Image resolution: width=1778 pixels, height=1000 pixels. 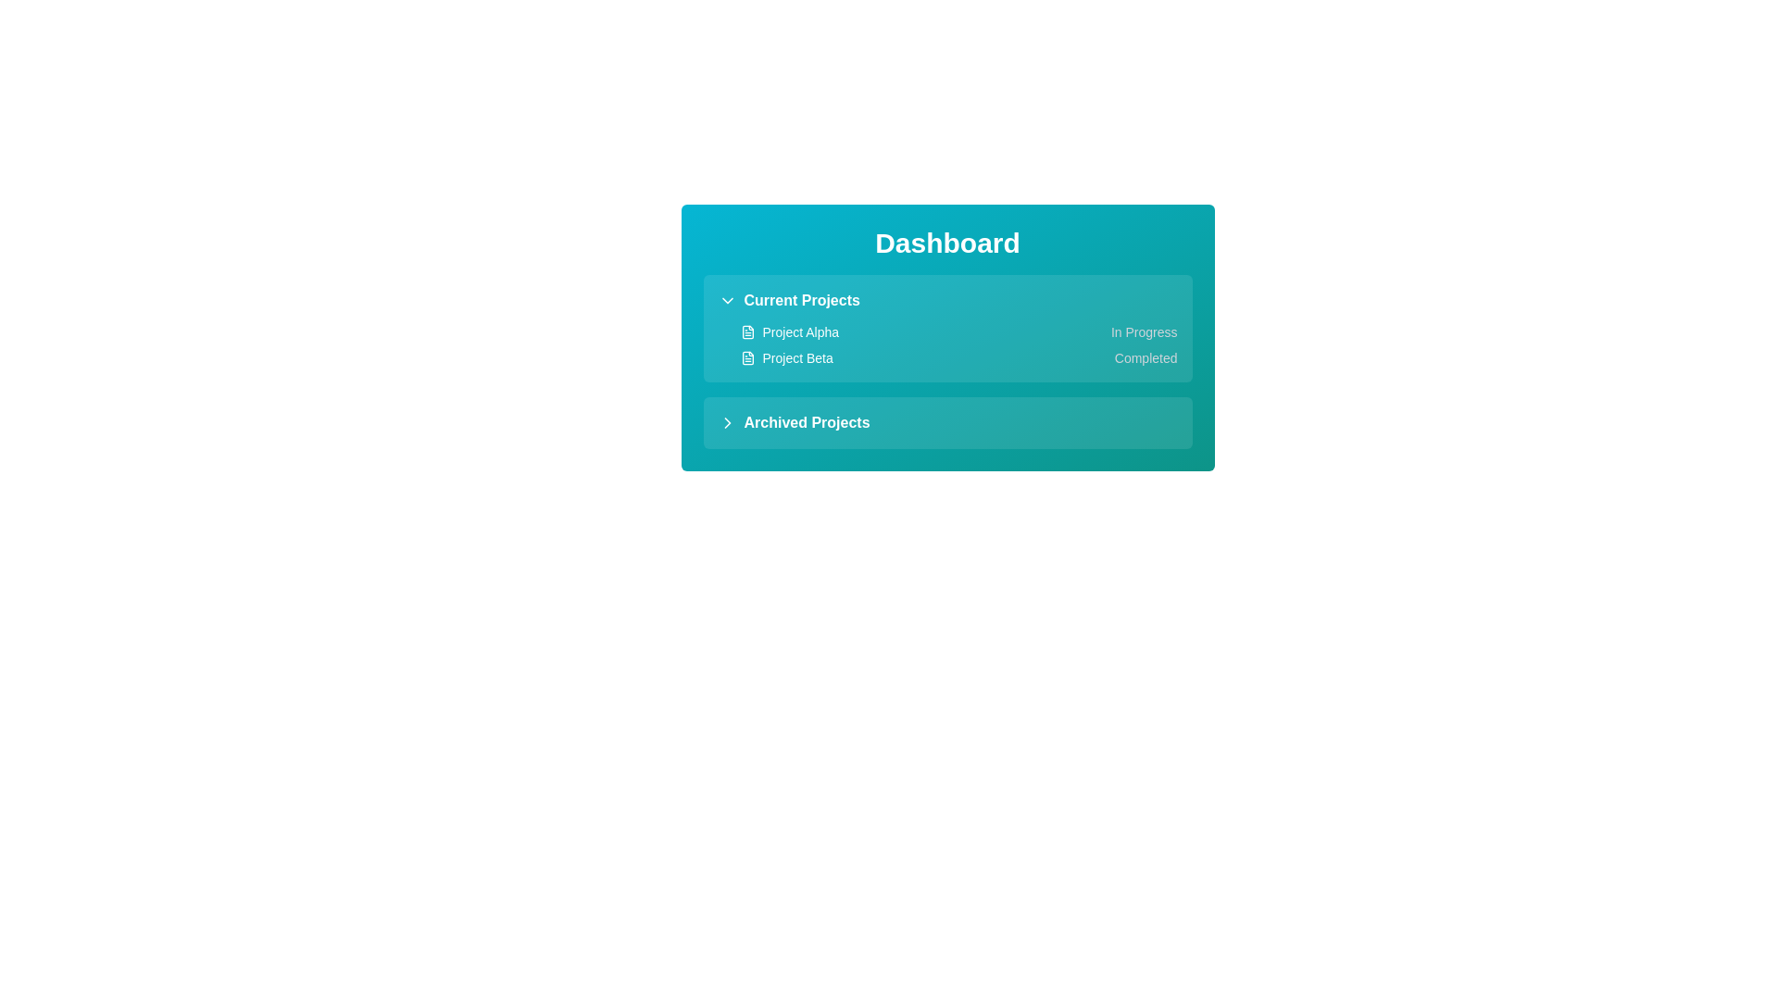 What do you see at coordinates (747, 331) in the screenshot?
I see `the file document icon located in the 'Current Projects' section, next to the 'Project Alpha' label, which is the top icon in the vertical grouping of file-related icons` at bounding box center [747, 331].